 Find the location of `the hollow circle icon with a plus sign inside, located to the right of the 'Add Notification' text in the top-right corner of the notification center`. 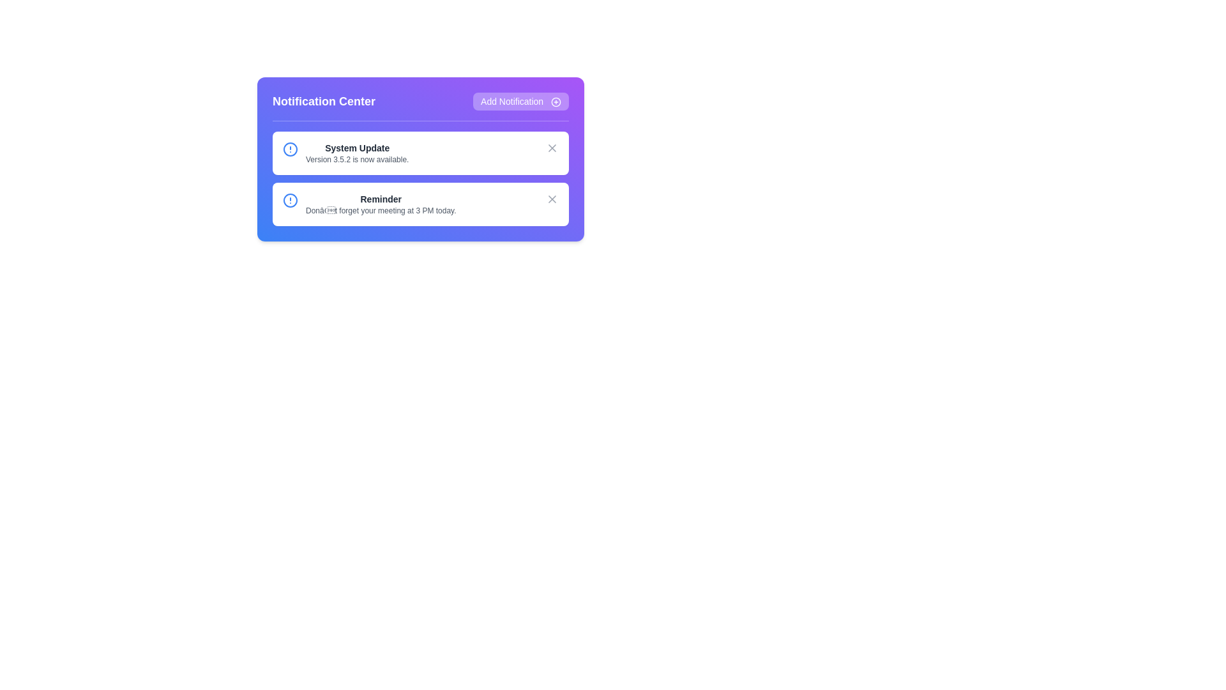

the hollow circle icon with a plus sign inside, located to the right of the 'Add Notification' text in the top-right corner of the notification center is located at coordinates (556, 101).